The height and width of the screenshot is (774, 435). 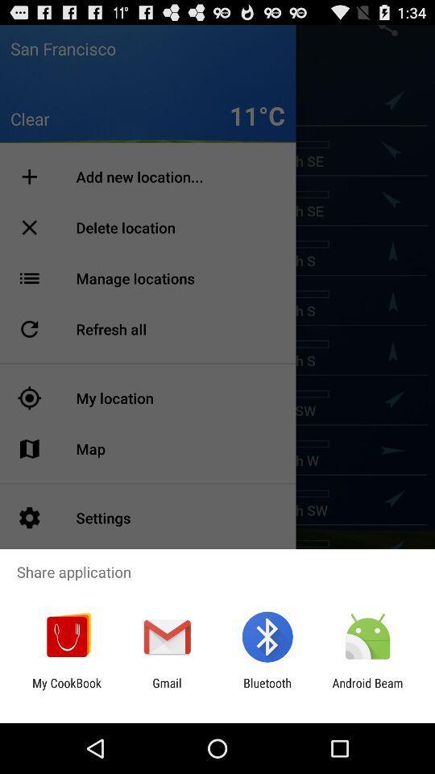 I want to click on the icon to the right of the my cookbook item, so click(x=166, y=689).